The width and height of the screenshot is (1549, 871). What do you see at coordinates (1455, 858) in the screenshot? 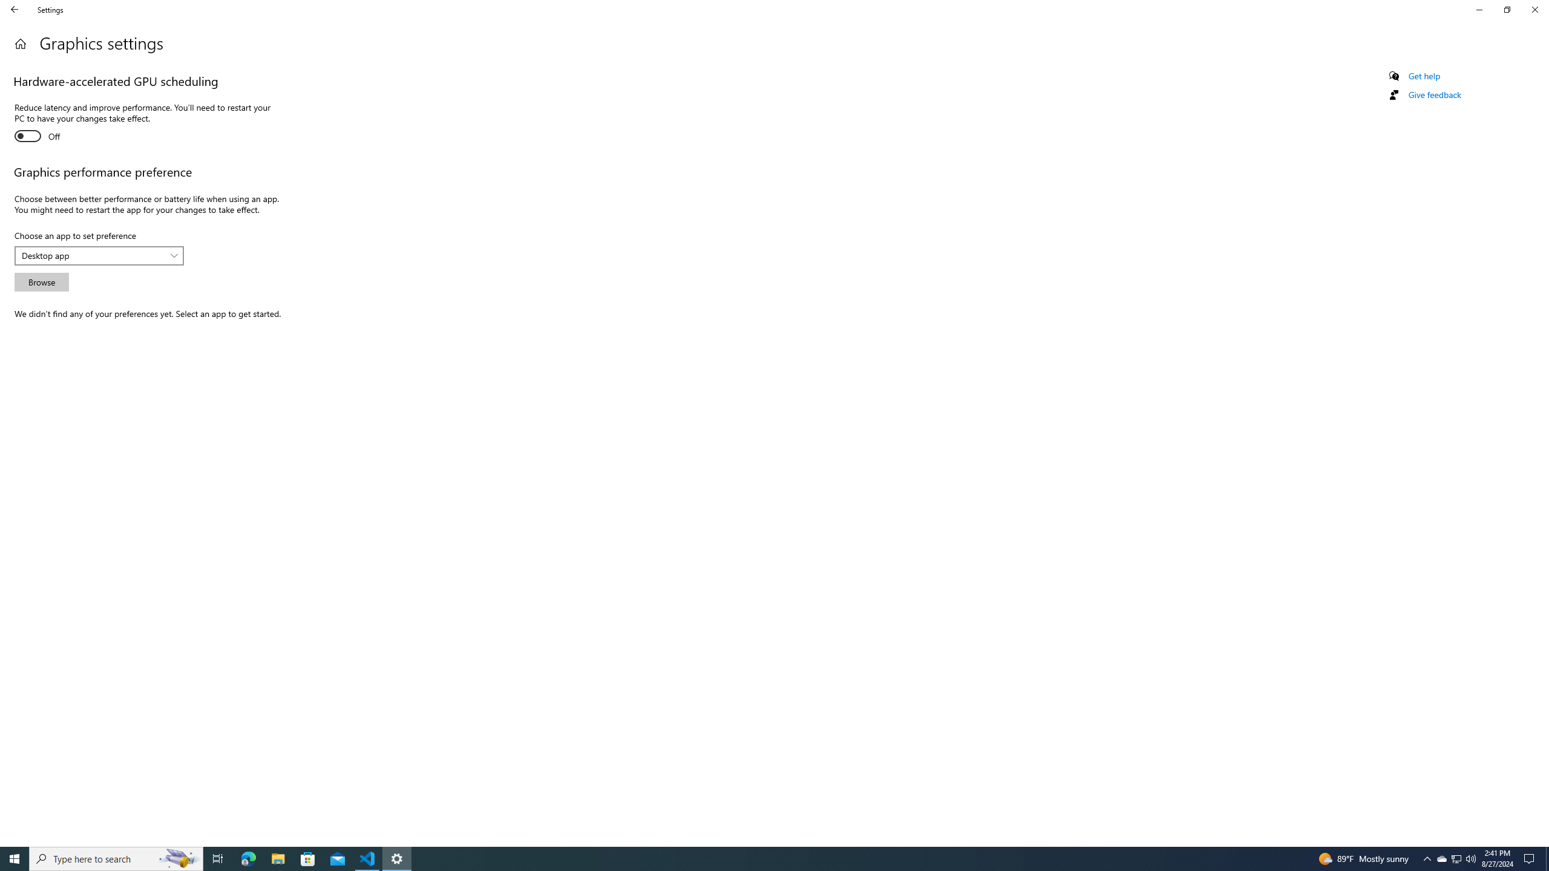
I see `'User Promoted Notification Area'` at bounding box center [1455, 858].